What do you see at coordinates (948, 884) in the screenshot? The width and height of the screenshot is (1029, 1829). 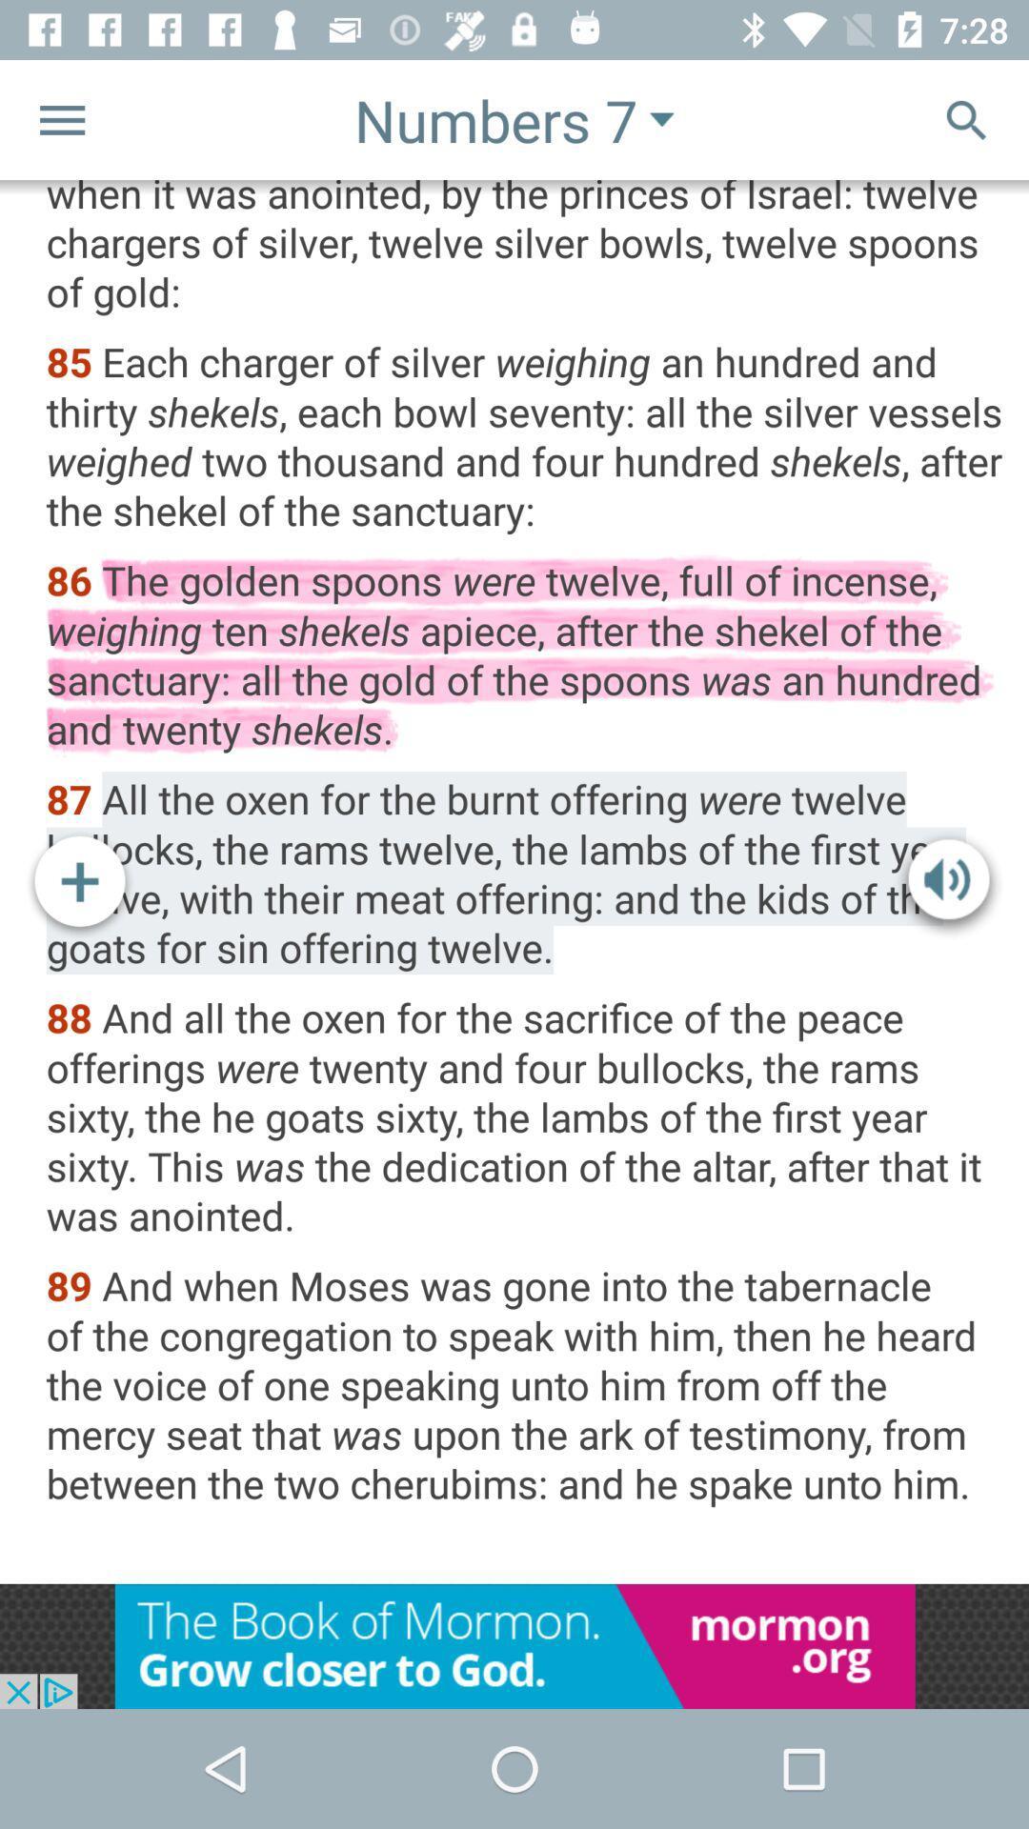 I see `the volume icon` at bounding box center [948, 884].